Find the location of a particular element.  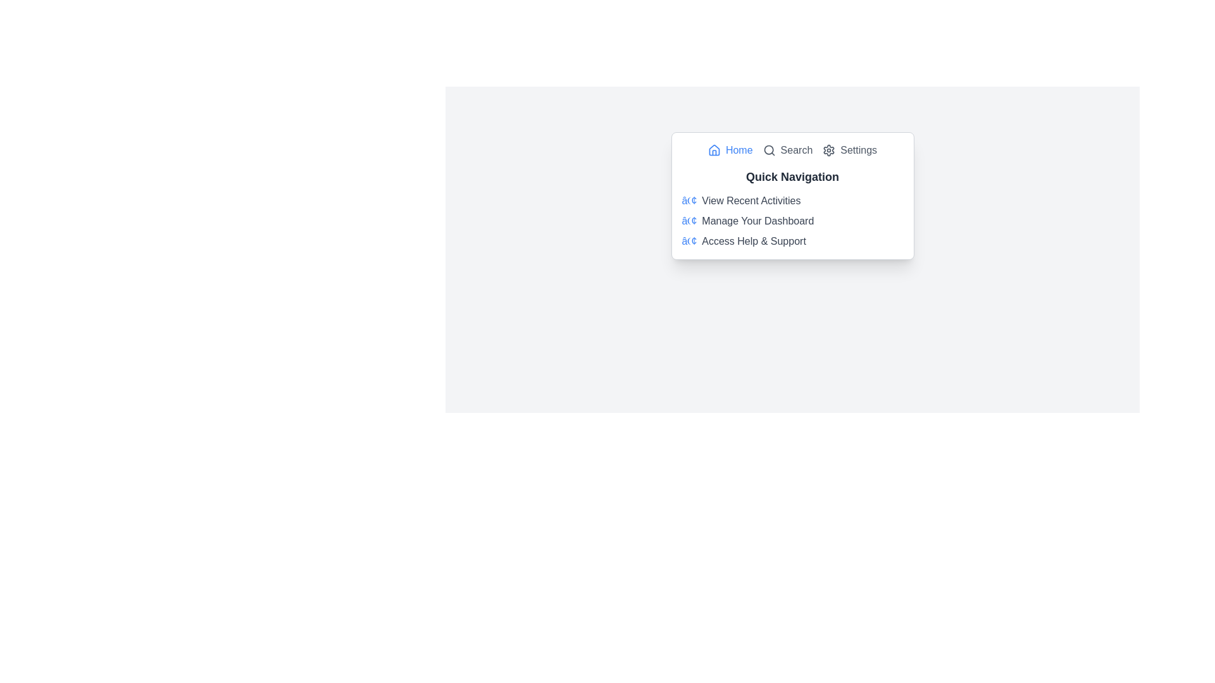

the 'Search' button with a magnifying glass icon located in the center of the interface is located at coordinates (787, 150).